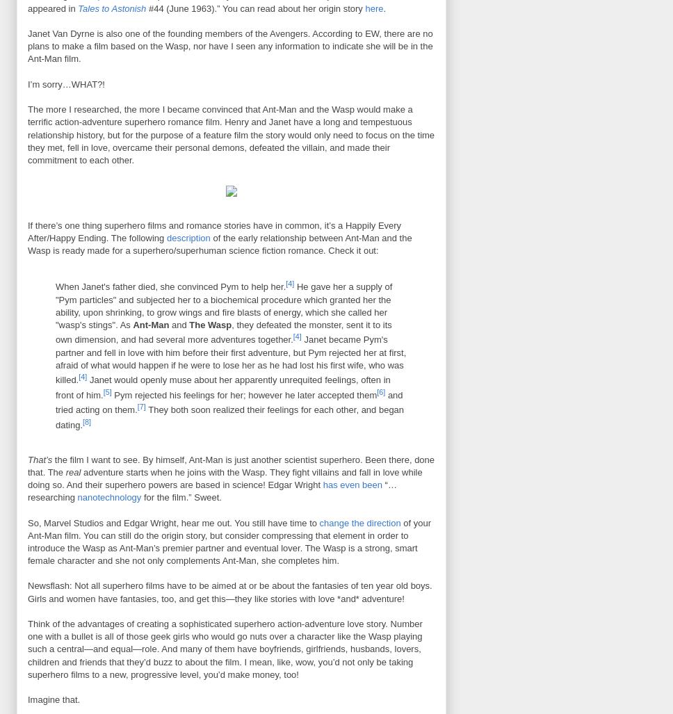  I want to click on 'The Wasp', so click(209, 325).